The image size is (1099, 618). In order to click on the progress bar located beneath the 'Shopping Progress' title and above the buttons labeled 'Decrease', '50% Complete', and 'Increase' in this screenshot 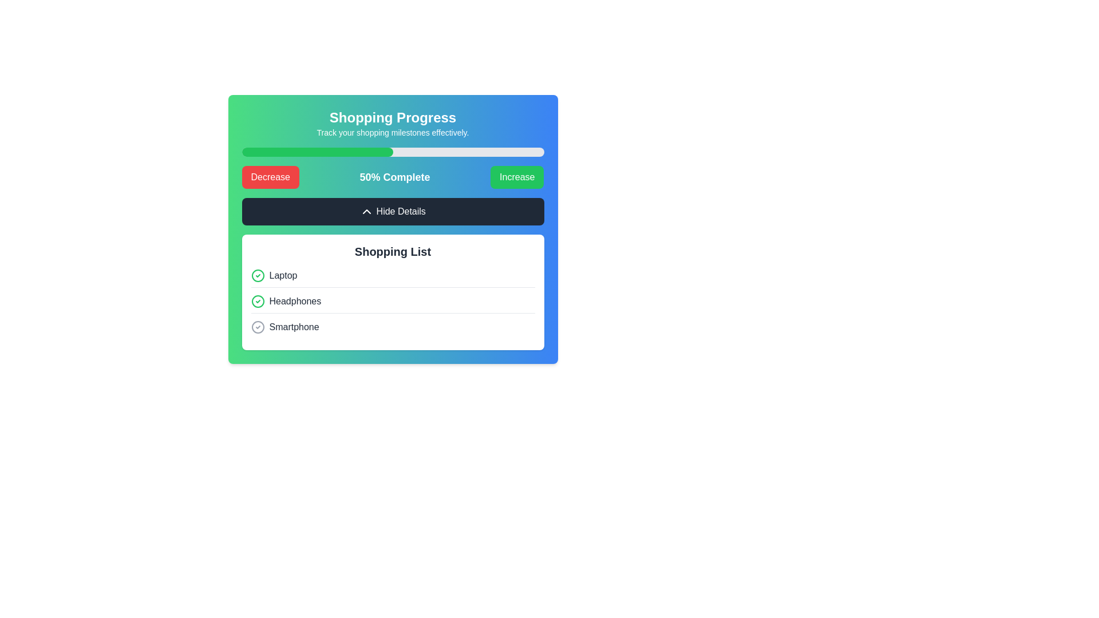, I will do `click(393, 152)`.